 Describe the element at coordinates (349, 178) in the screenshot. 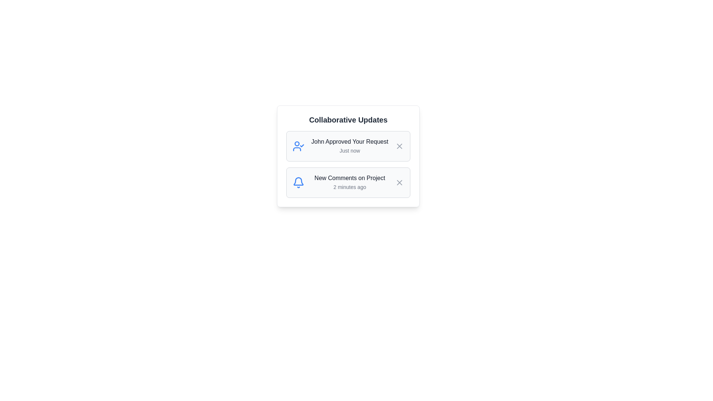

I see `the static text label conveying the title of a notification regarding new comments on a project, located in the second notification card within the 'Collaborative Updates' section` at that location.